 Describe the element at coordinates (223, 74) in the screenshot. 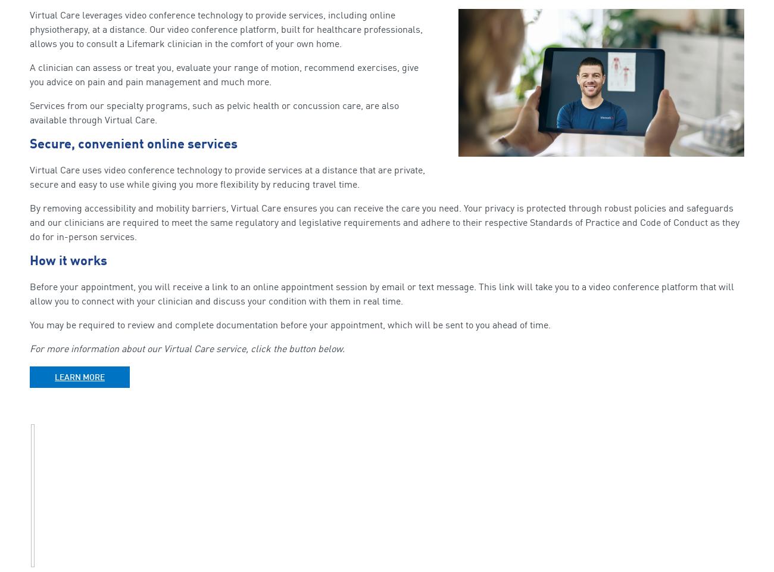

I see `'A clinician can assess or treat you, evaluate your range of motion, recommend exercises, give you advice on pain and pain management and much more.'` at that location.